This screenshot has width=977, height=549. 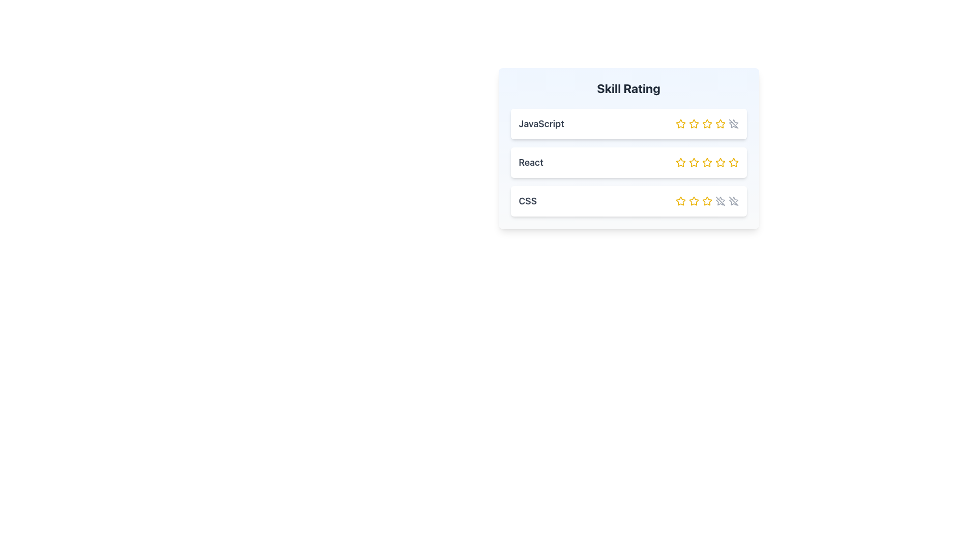 What do you see at coordinates (733, 162) in the screenshot?
I see `the fifth star` at bounding box center [733, 162].